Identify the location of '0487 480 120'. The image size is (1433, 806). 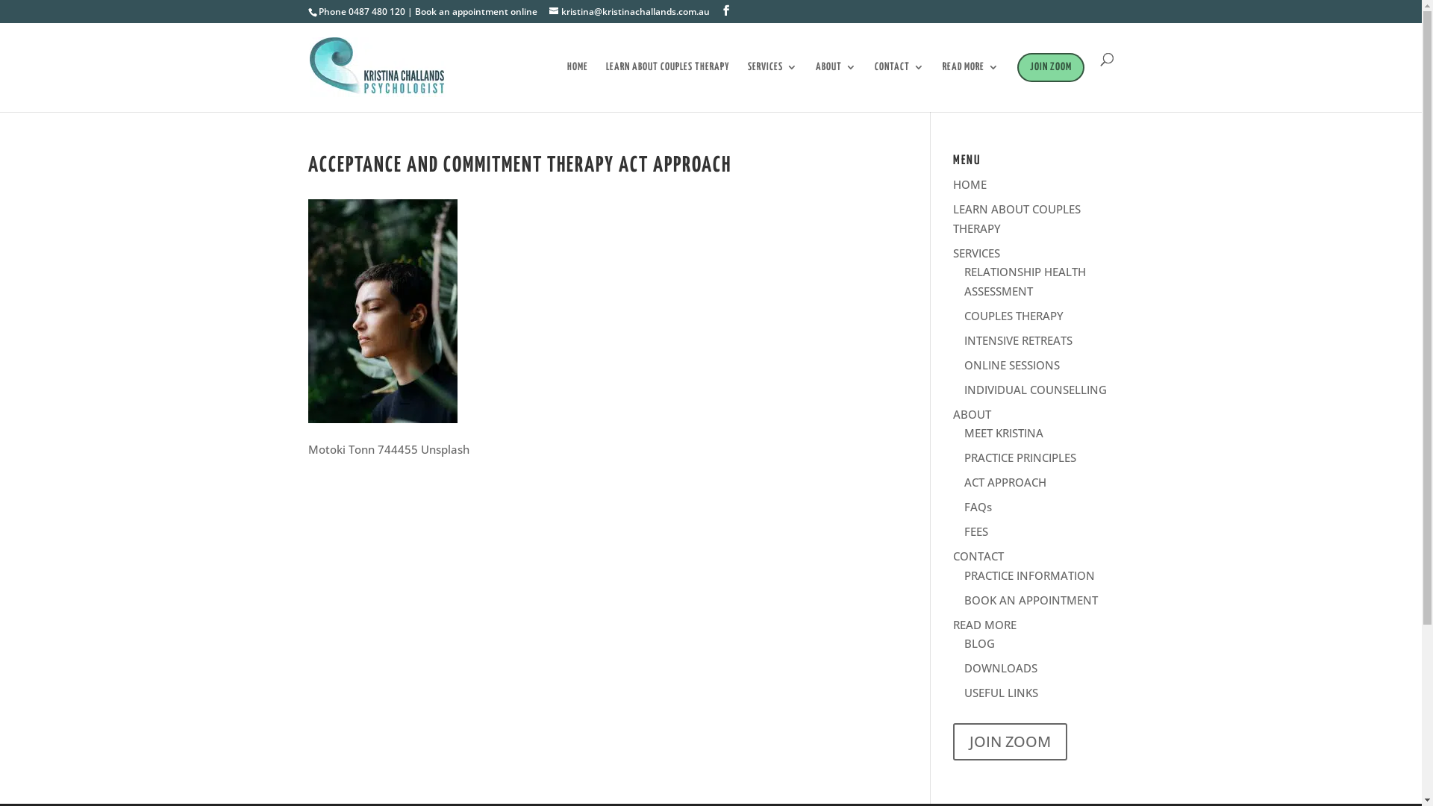
(346, 11).